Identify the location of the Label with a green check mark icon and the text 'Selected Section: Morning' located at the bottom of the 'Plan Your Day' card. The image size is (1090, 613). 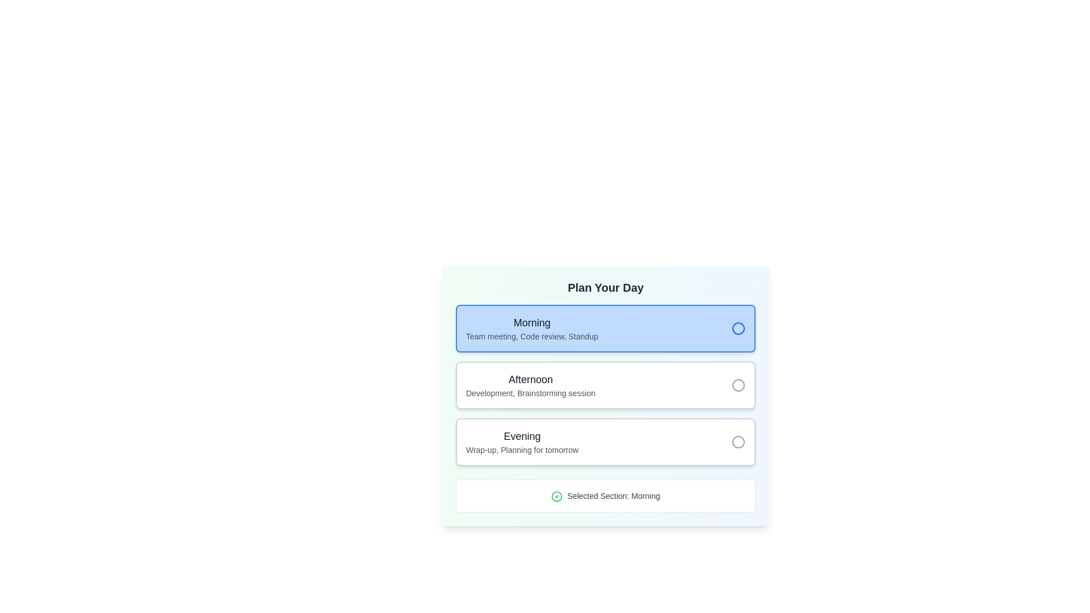
(605, 496).